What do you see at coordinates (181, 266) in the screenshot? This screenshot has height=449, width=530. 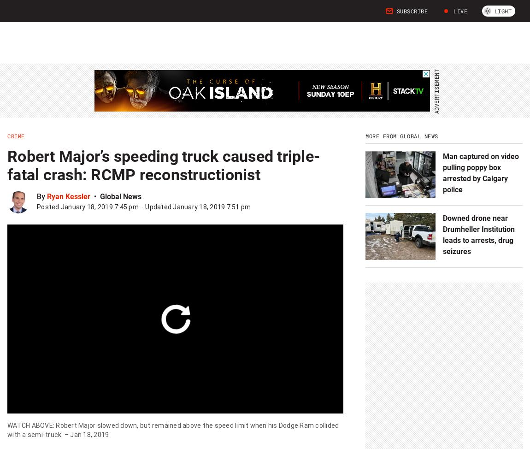 I see `'Most wanted: Years after Toronto teen stabbing hunt continues for suspect'` at bounding box center [181, 266].